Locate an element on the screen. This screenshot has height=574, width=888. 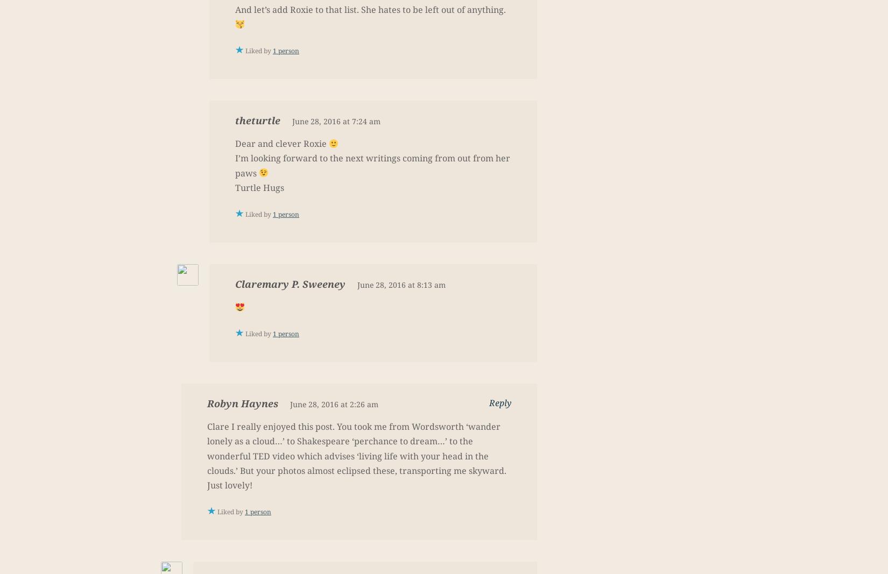
'June 28, 2016 at 7:24 am' is located at coordinates (336, 121).